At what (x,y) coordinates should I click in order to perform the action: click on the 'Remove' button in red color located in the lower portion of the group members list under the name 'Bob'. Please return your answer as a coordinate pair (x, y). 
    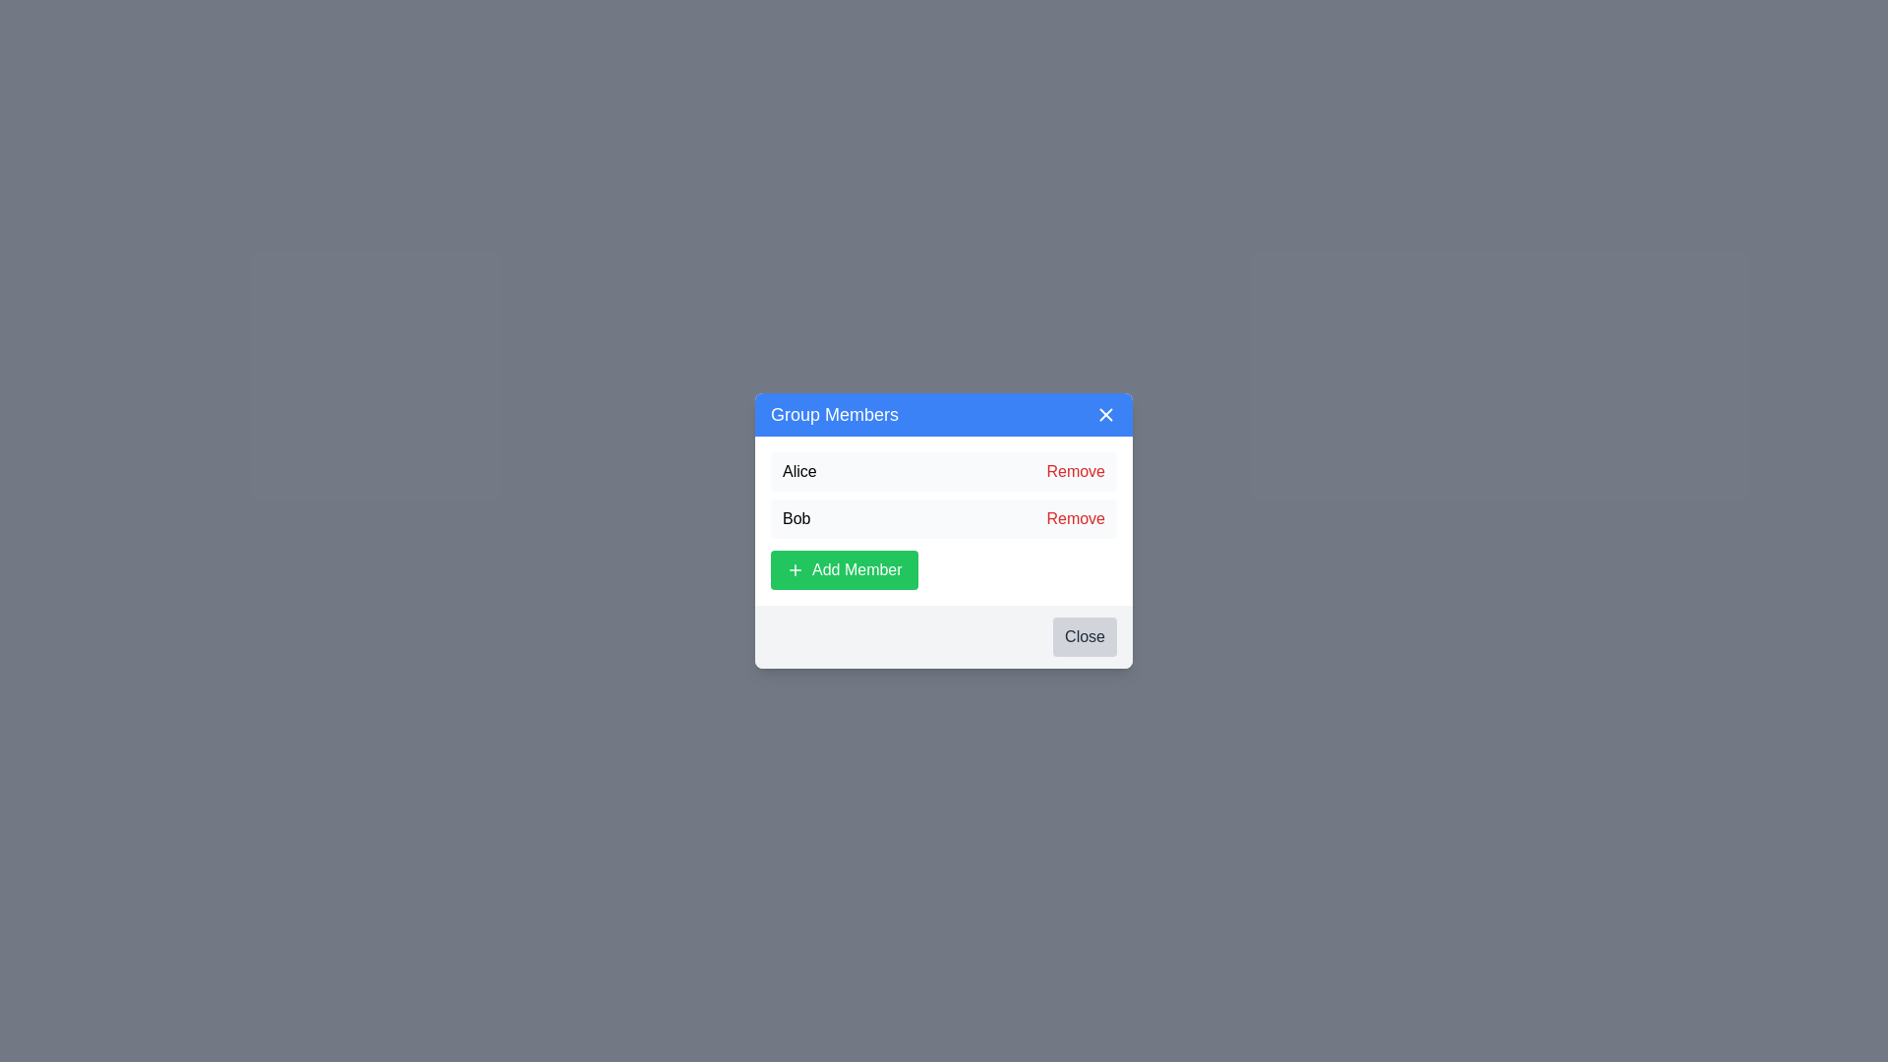
    Looking at the image, I should click on (1075, 518).